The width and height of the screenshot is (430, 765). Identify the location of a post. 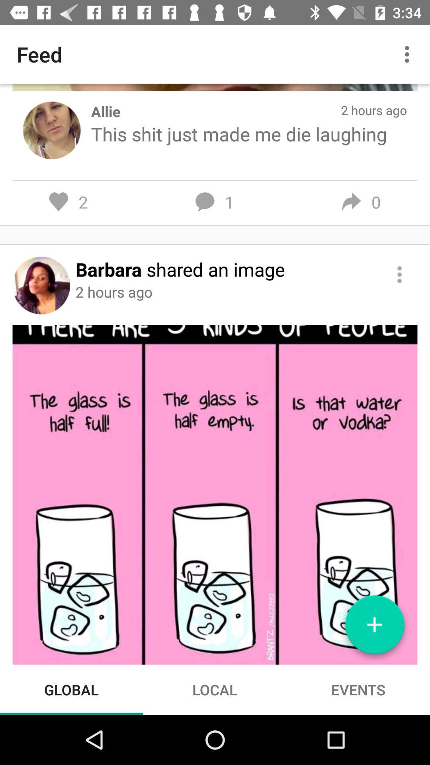
(375, 628).